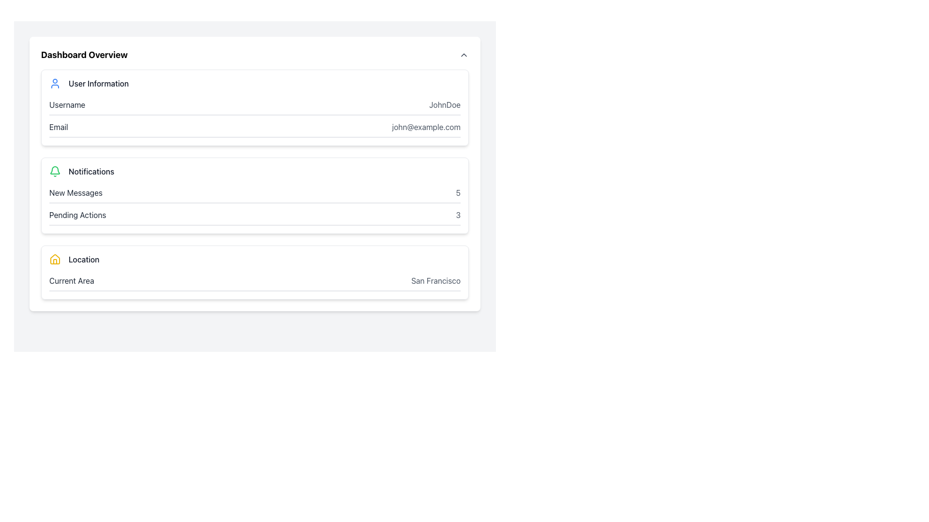  Describe the element at coordinates (55, 259) in the screenshot. I see `the location icon in the 'Location' section of the application, which is visually represented as a larger icon adjacent to the 'Location' label` at that location.